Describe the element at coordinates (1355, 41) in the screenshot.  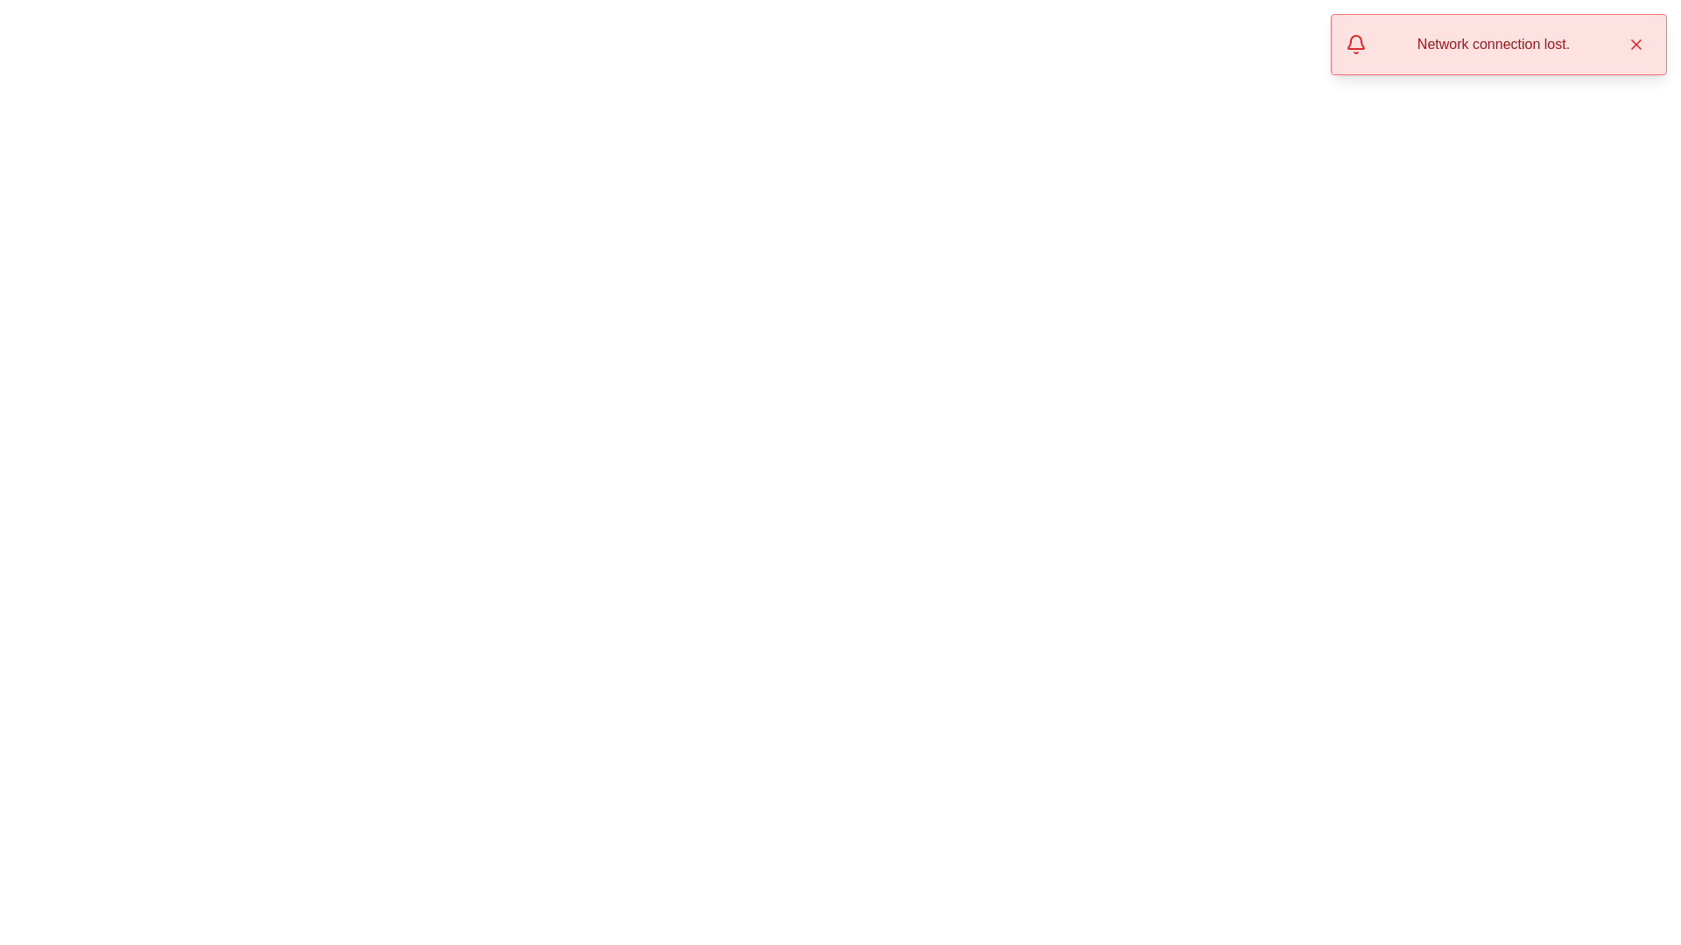
I see `the red bell-shaped icon located in the top-right corner of the notification message box` at that location.